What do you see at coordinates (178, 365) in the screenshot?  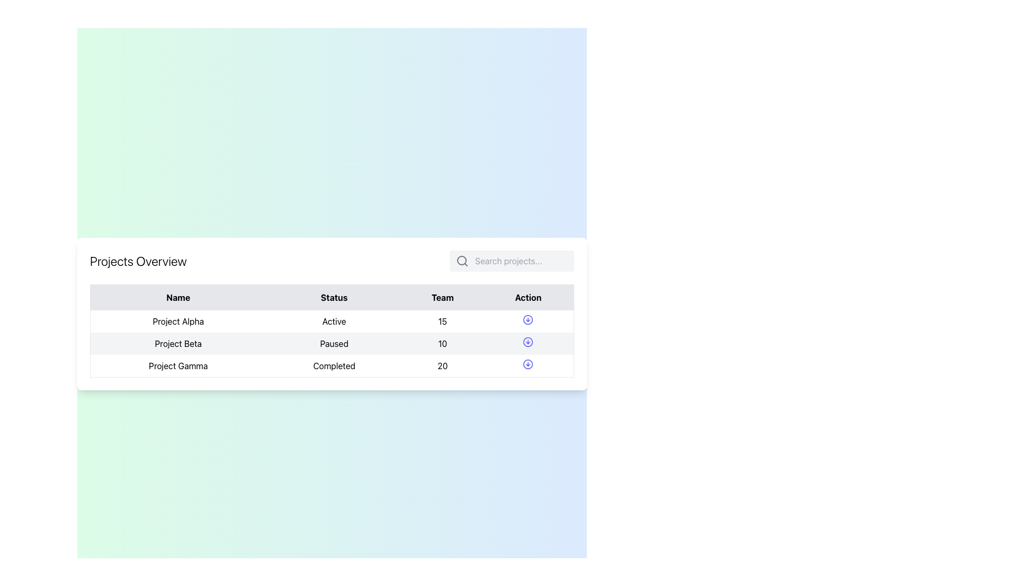 I see `the text label for 'Project Gamma' in the 'Name' column of the projects table` at bounding box center [178, 365].